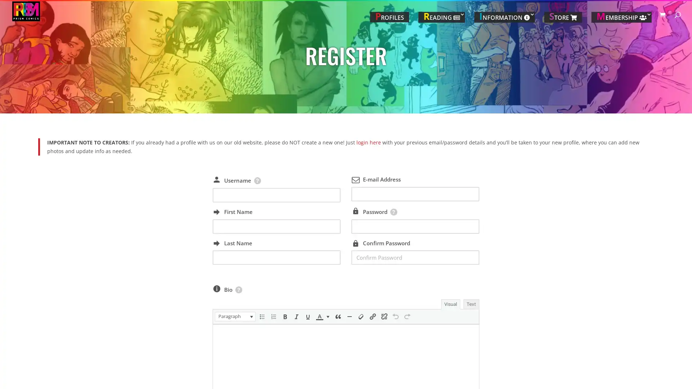  I want to click on Remove link (S), so click(383, 316).